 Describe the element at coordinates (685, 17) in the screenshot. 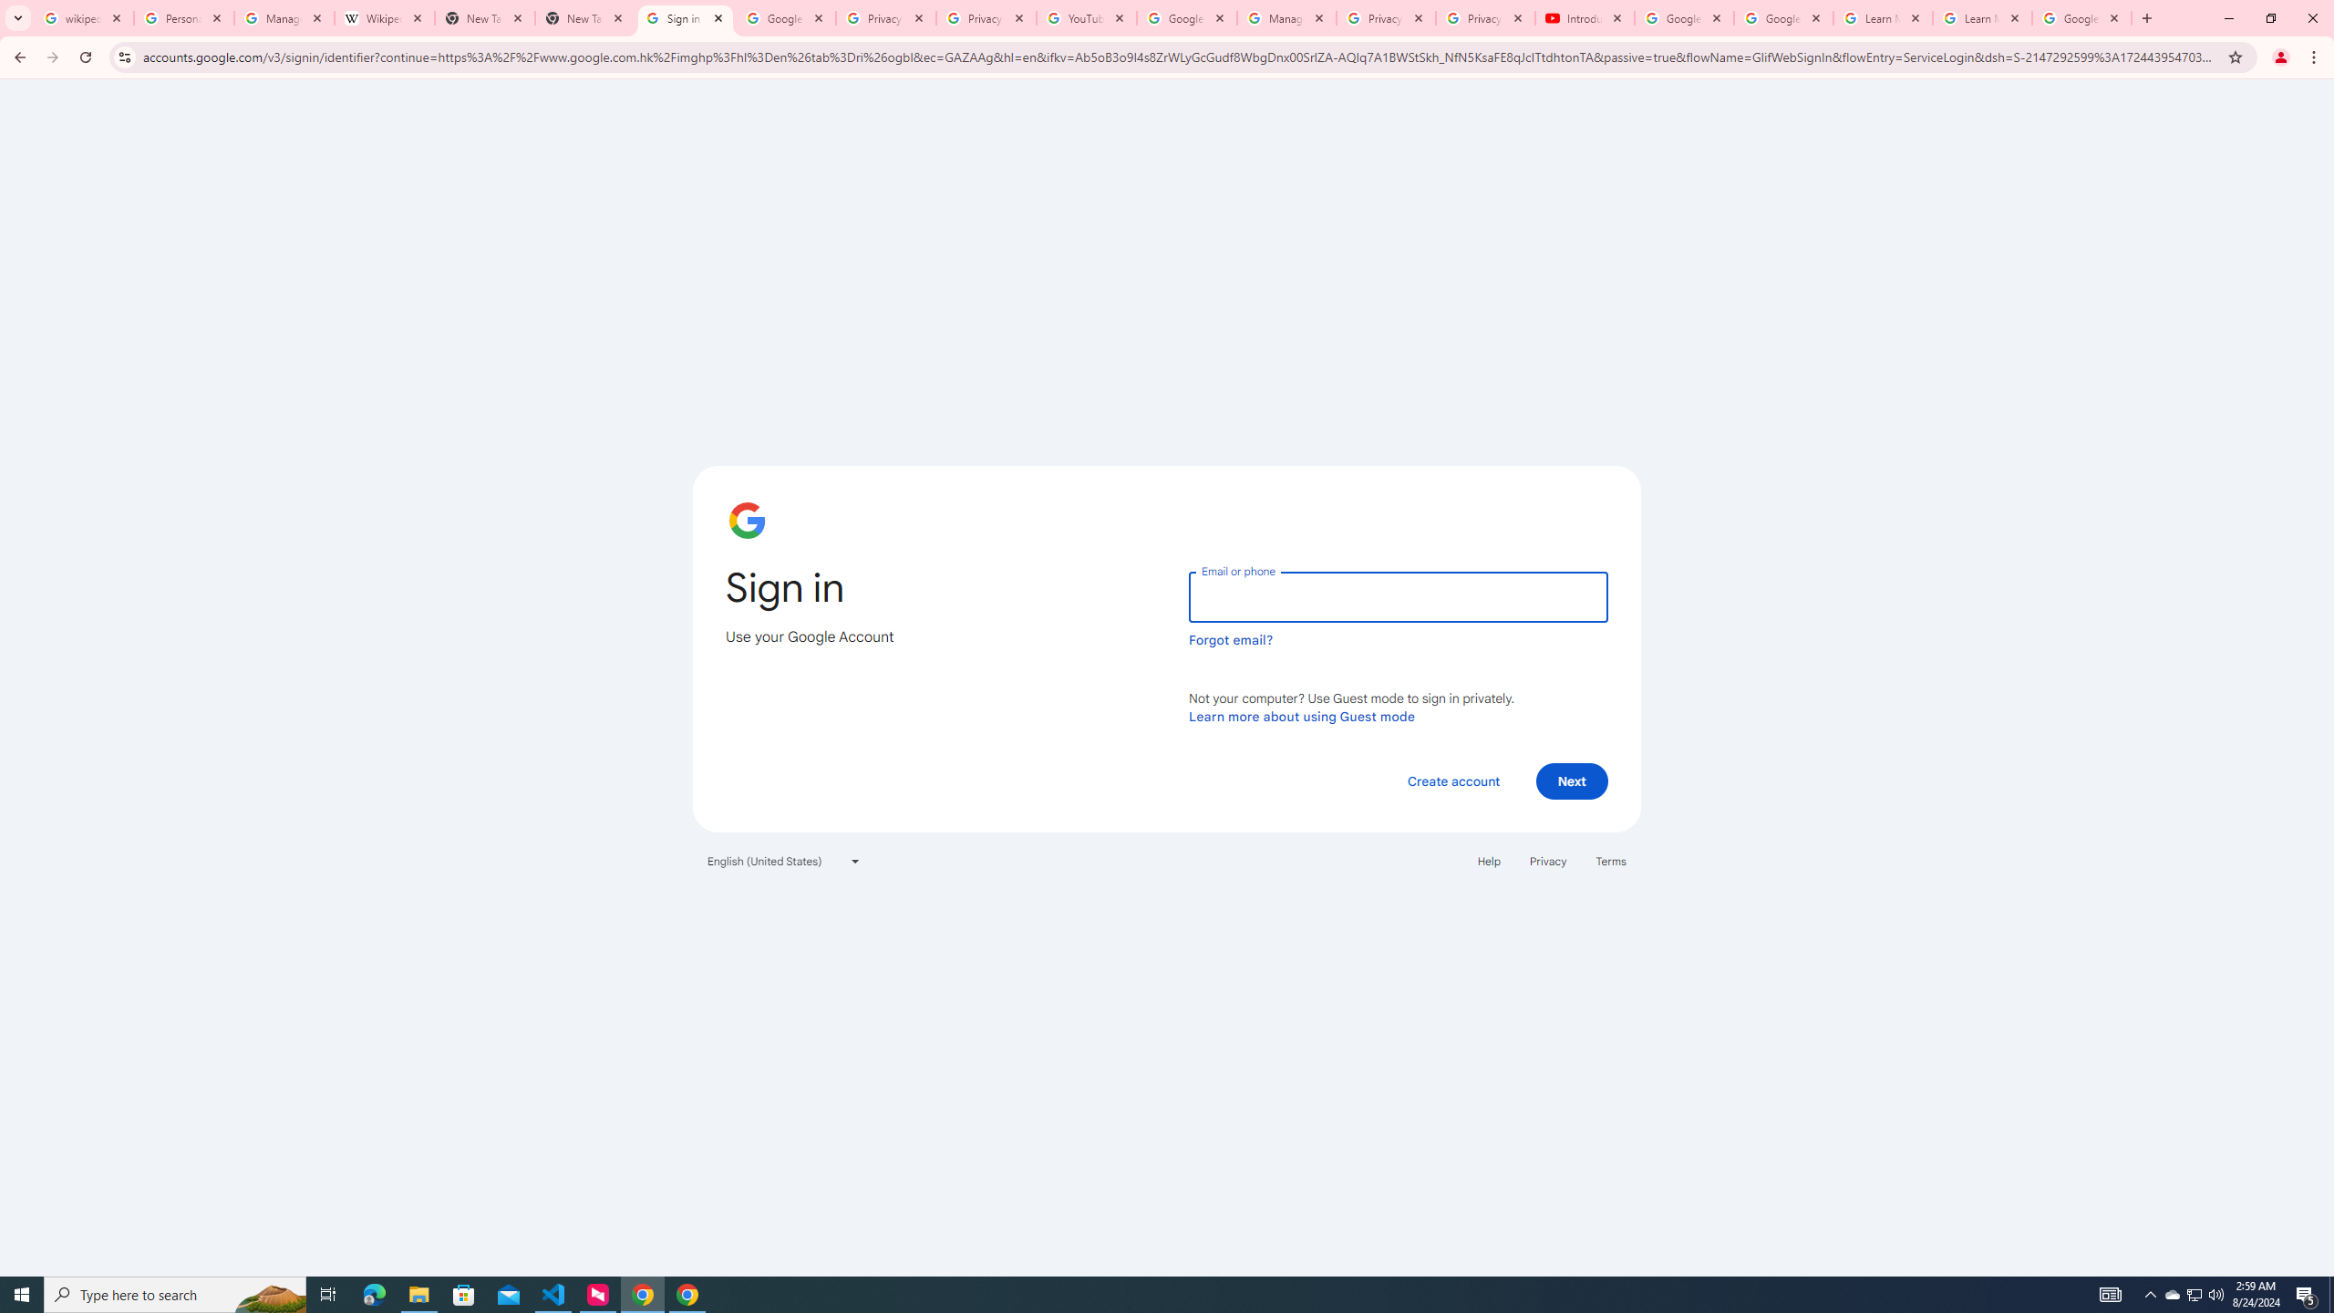

I see `'Sign in - Google Accounts'` at that location.